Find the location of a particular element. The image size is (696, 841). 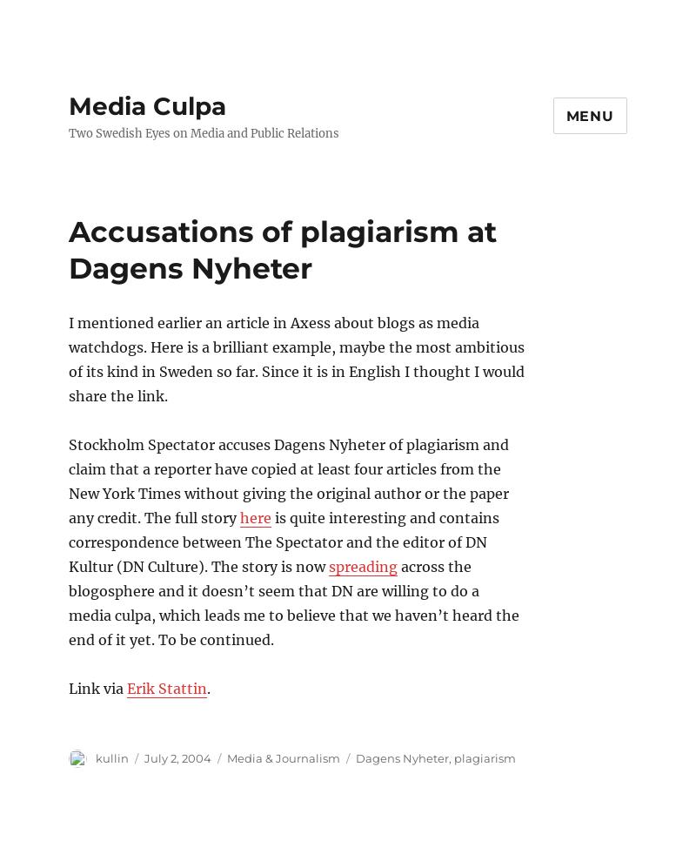

'spreading' is located at coordinates (328, 565).